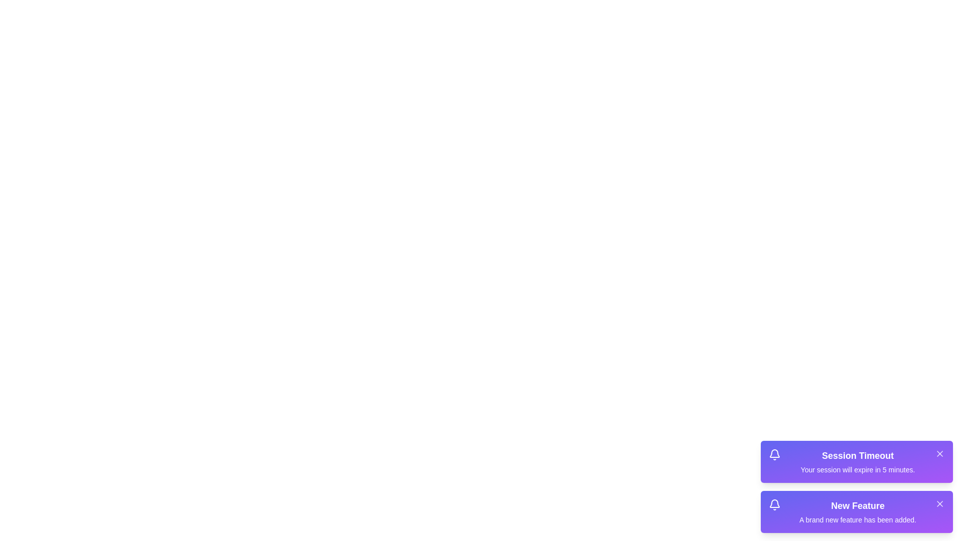 The image size is (961, 541). Describe the element at coordinates (774, 454) in the screenshot. I see `the notification icon for Session Timeout` at that location.